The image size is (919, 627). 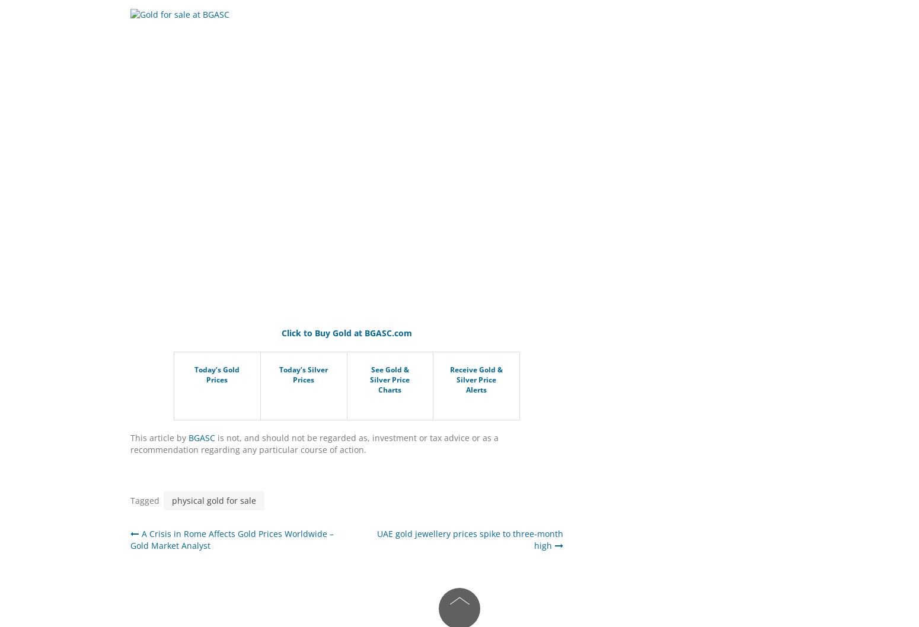 I want to click on 'Today’s Gold Prices', so click(x=216, y=374).